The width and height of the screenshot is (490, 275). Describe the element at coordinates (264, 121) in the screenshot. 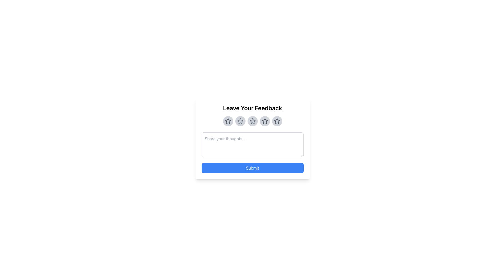

I see `the fourth star in the rating system` at that location.